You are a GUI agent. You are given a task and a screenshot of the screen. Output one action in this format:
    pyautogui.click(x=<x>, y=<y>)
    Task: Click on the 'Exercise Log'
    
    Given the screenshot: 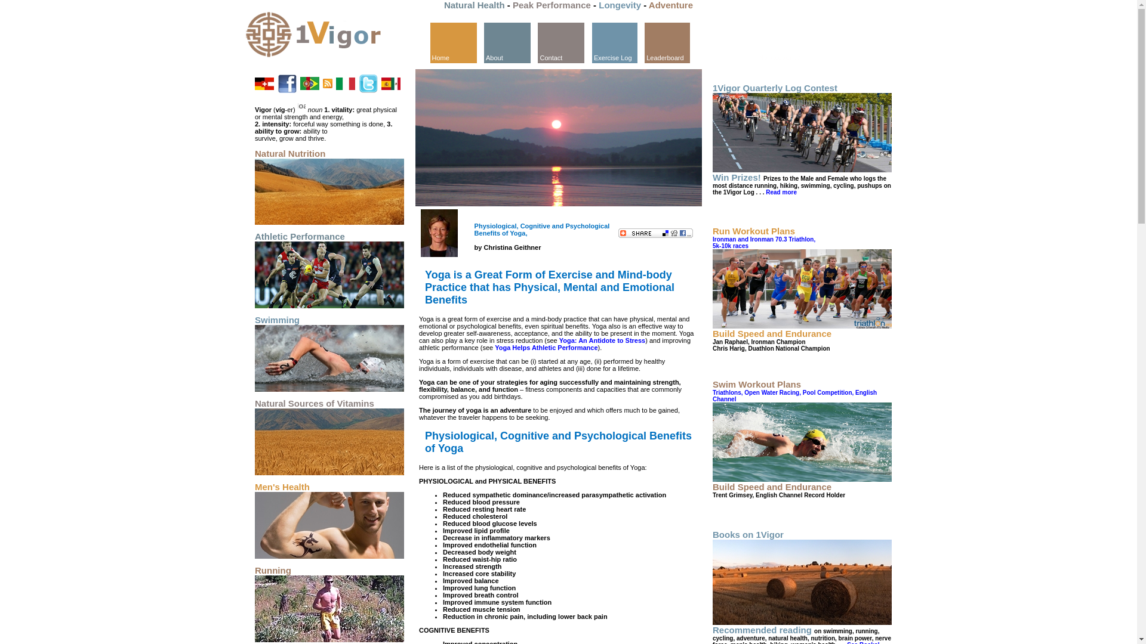 What is the action you would take?
    pyautogui.click(x=615, y=41)
    